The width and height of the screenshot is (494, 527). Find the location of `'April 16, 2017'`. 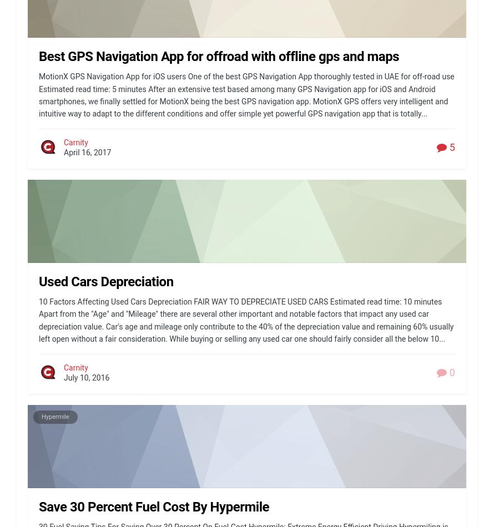

'April 16, 2017' is located at coordinates (87, 152).